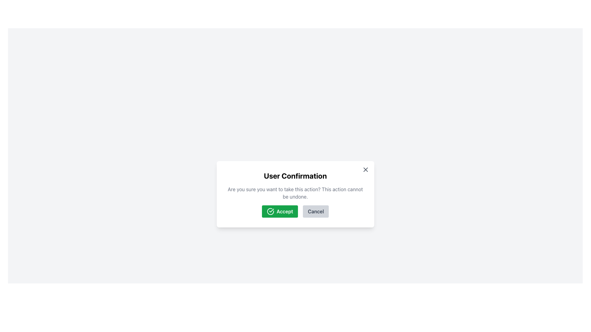 The image size is (591, 332). I want to click on the 'Accept' button, which is part of a button group in a modal dialog box, to confirm the action, so click(295, 211).